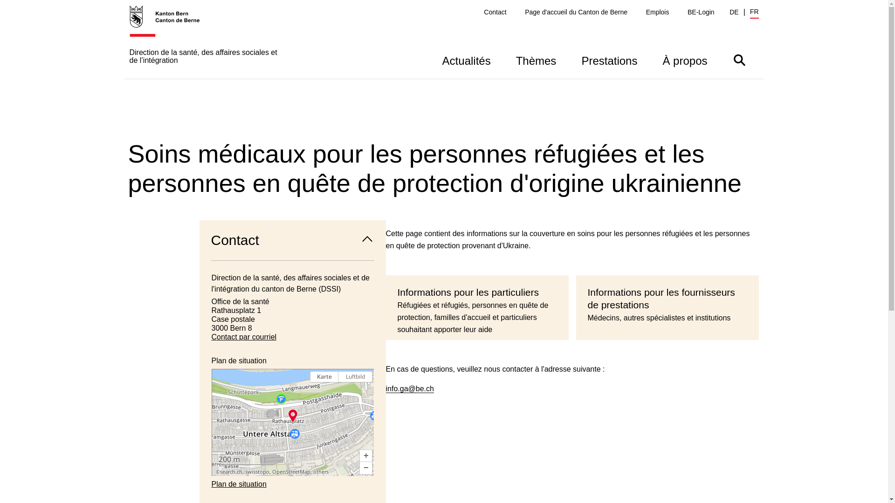 The image size is (895, 503). Describe the element at coordinates (494, 12) in the screenshot. I see `'Contact'` at that location.